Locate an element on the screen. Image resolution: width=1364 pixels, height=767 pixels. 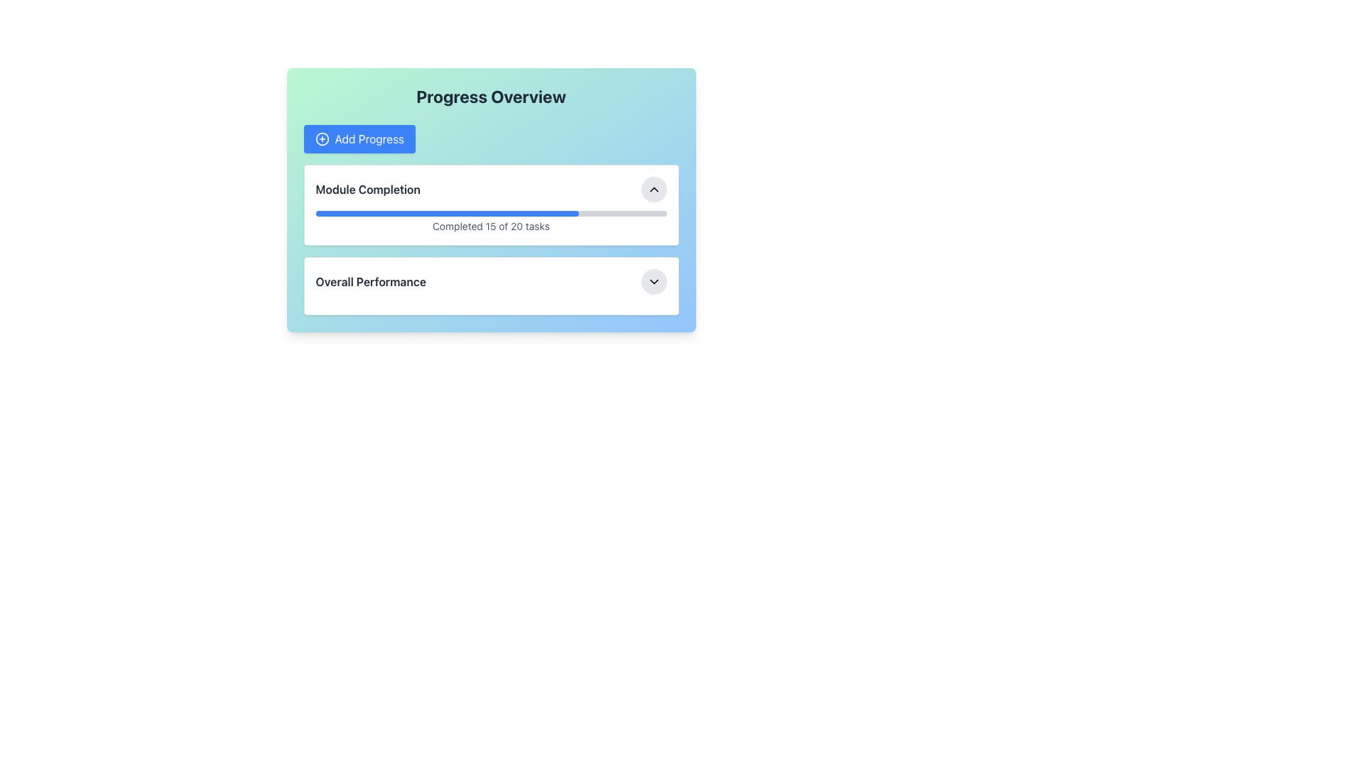
the button that expands or collapses additional details in the 'Overall Performance' section, located at the far right of the section, aligned with the text 'Overall Performance' is located at coordinates (653, 282).